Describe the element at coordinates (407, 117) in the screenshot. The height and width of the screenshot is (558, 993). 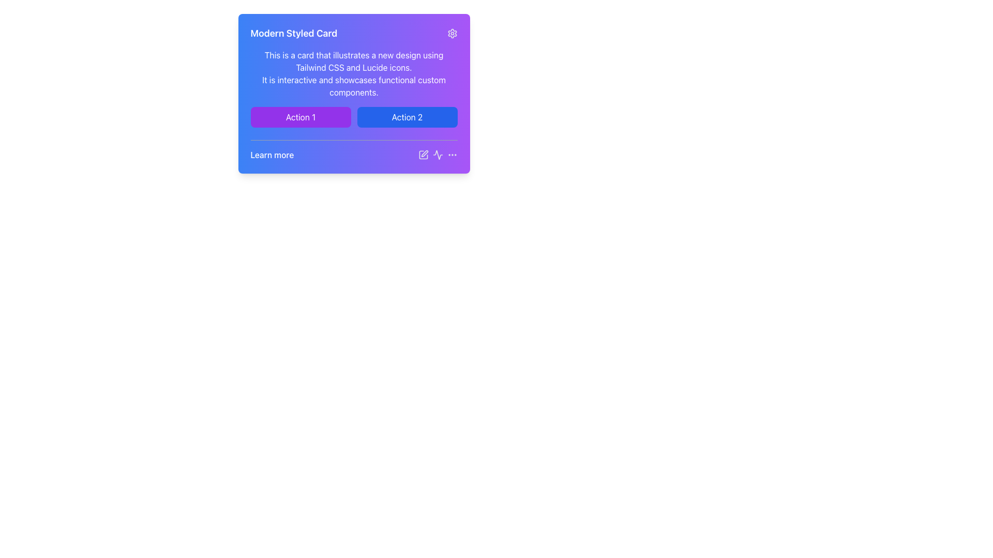
I see `the 'Action 2' button located to the right of 'Action 1'` at that location.